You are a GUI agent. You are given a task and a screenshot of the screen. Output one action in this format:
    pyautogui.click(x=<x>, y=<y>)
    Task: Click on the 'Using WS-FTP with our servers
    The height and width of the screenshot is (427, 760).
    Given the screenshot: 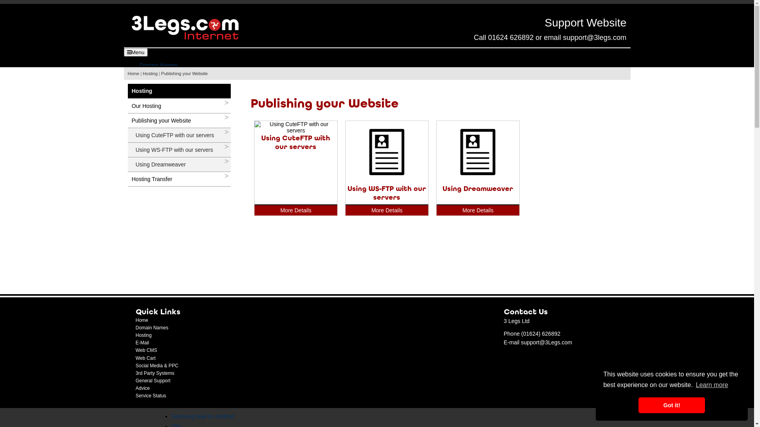 What is the action you would take?
    pyautogui.click(x=387, y=162)
    